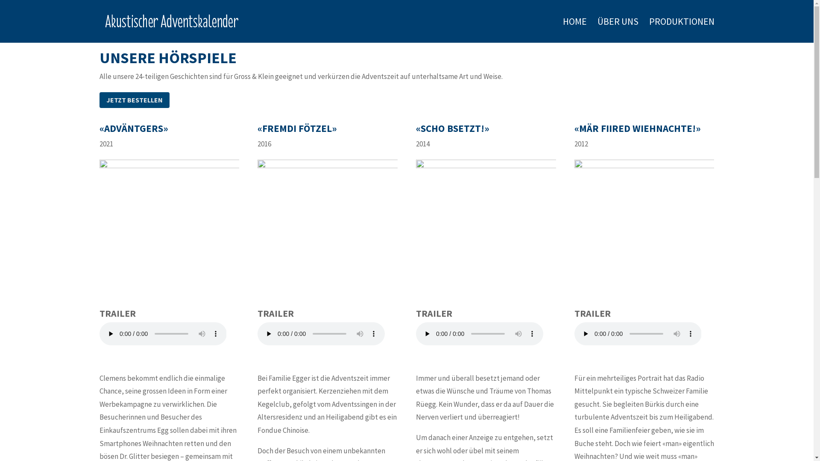 The width and height of the screenshot is (820, 461). I want to click on 'HOME', so click(574, 30).